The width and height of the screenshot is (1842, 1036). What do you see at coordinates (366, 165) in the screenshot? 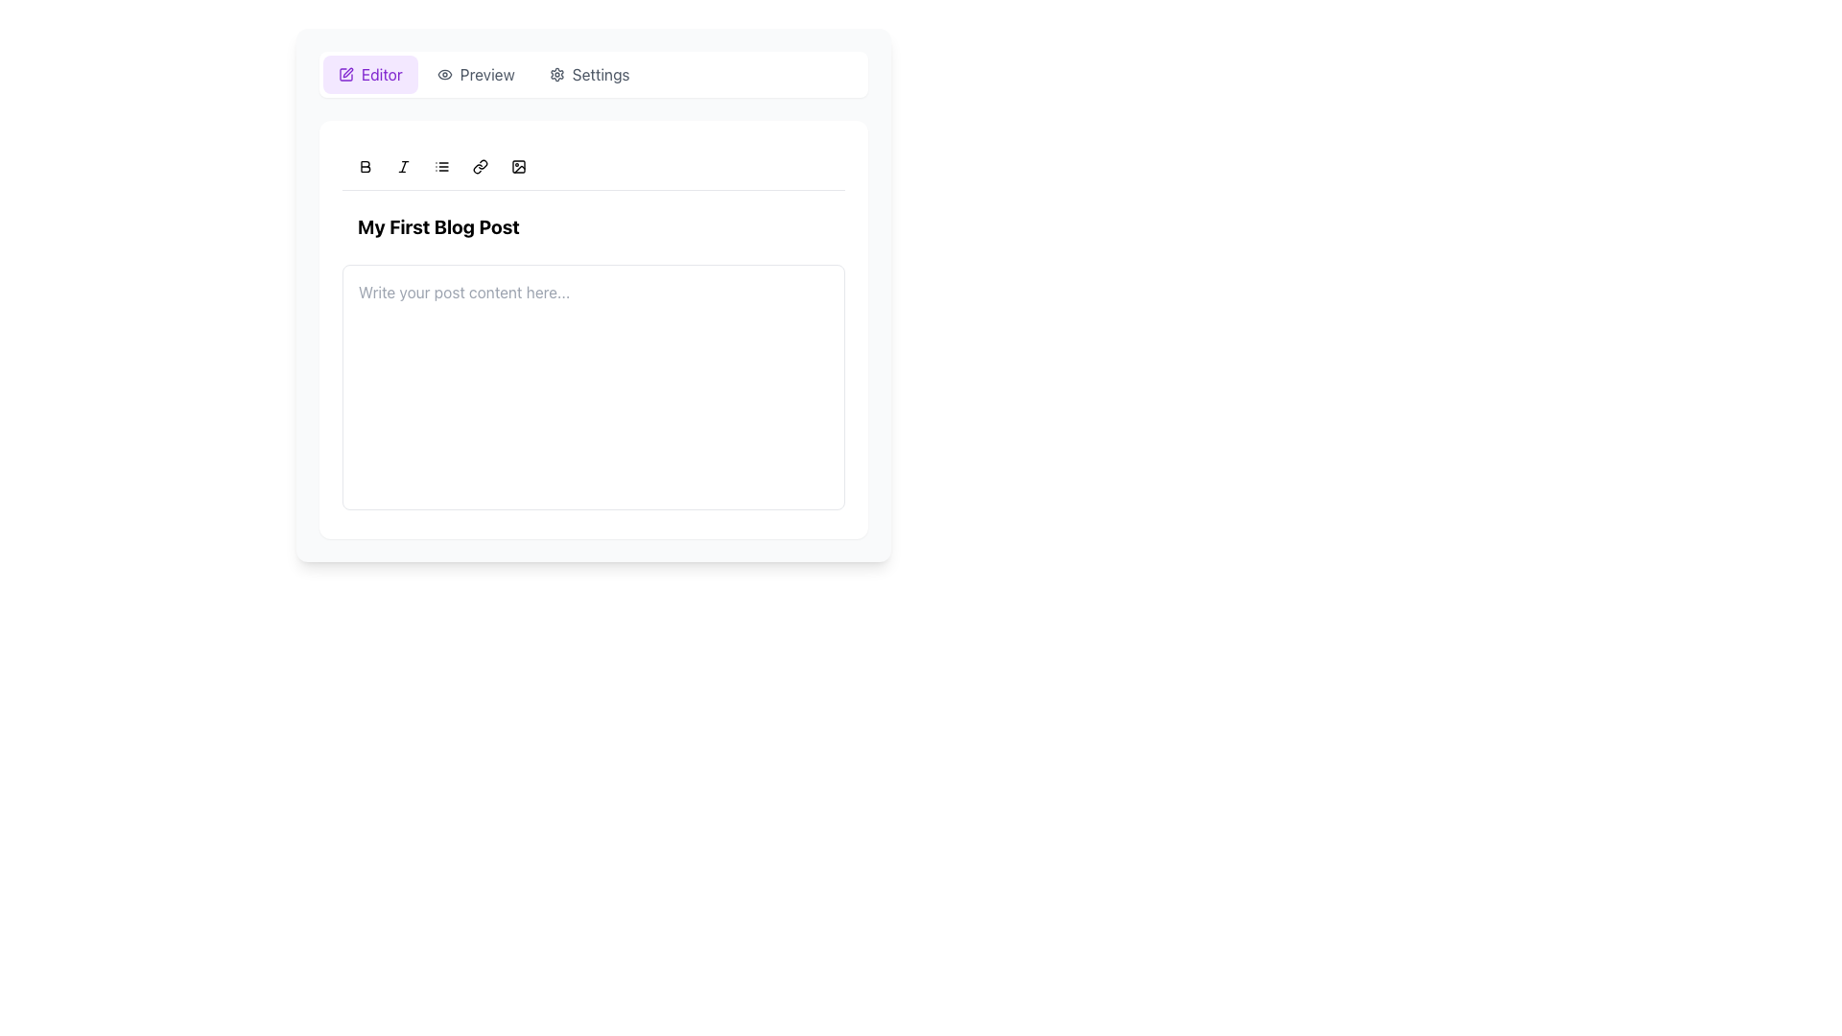
I see `the leftmost icon button in the formatting toolbar` at bounding box center [366, 165].